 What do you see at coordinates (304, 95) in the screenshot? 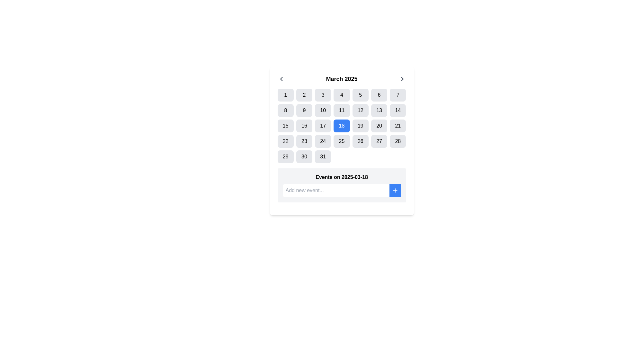
I see `the button representing the second day of the month in the calendar interface` at bounding box center [304, 95].